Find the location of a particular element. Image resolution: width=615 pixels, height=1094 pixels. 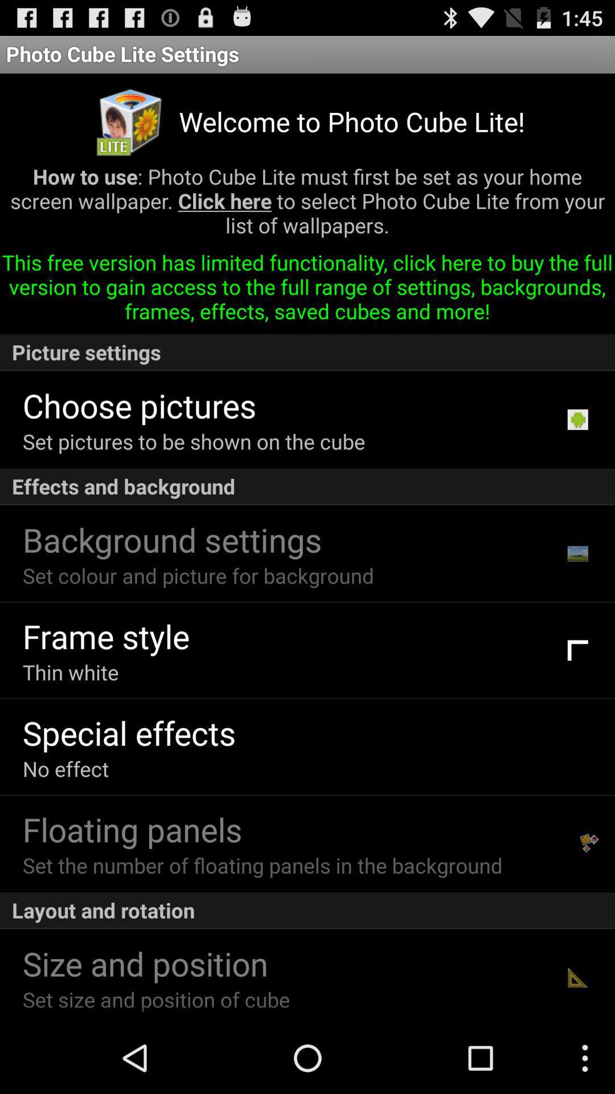

the how to use app is located at coordinates (307, 205).